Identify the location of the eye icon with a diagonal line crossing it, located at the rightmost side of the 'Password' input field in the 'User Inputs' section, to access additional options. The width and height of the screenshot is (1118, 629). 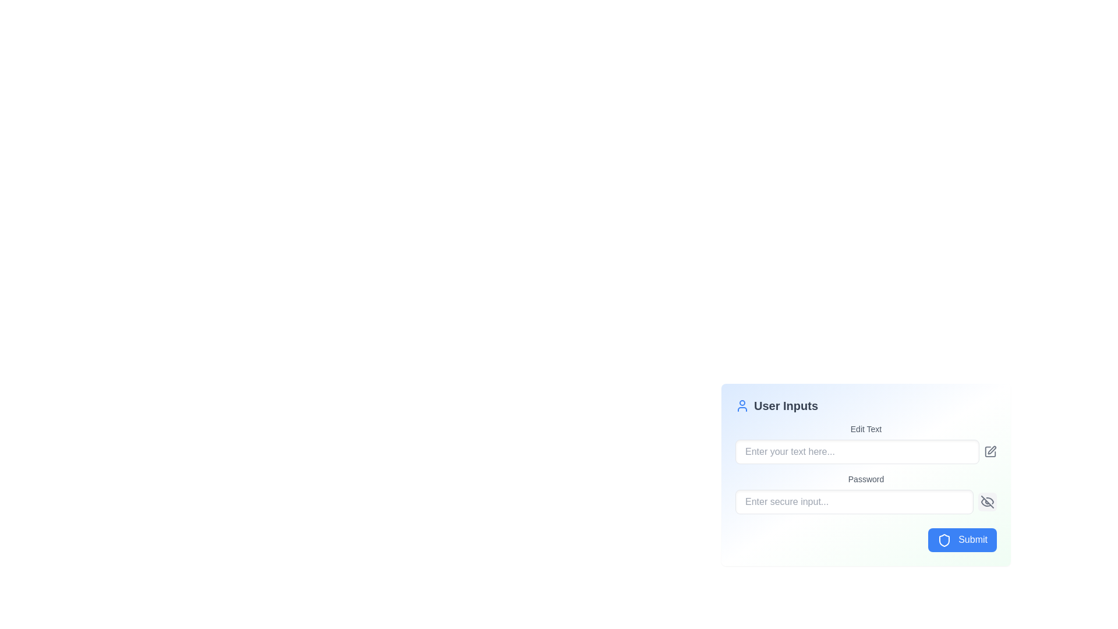
(986, 501).